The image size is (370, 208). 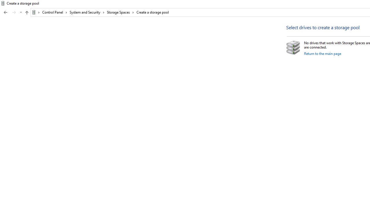 What do you see at coordinates (14, 12) in the screenshot?
I see `'Forward (Alt + Right Arrow)'` at bounding box center [14, 12].